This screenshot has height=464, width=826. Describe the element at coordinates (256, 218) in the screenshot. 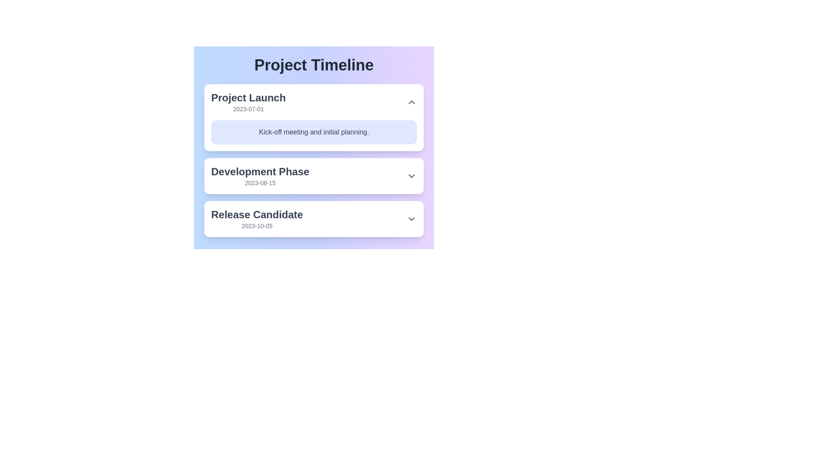

I see `the project phase title text in the 'Project Timeline' section` at that location.